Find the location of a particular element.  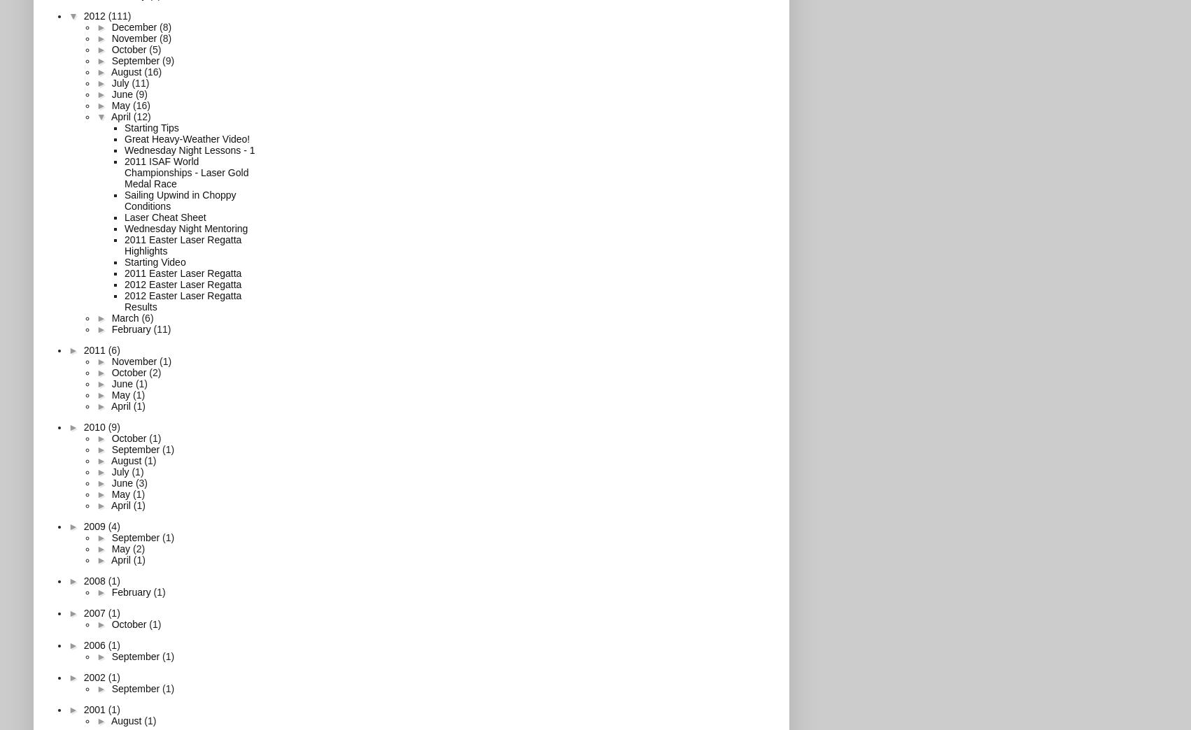

'2009' is located at coordinates (95, 525).